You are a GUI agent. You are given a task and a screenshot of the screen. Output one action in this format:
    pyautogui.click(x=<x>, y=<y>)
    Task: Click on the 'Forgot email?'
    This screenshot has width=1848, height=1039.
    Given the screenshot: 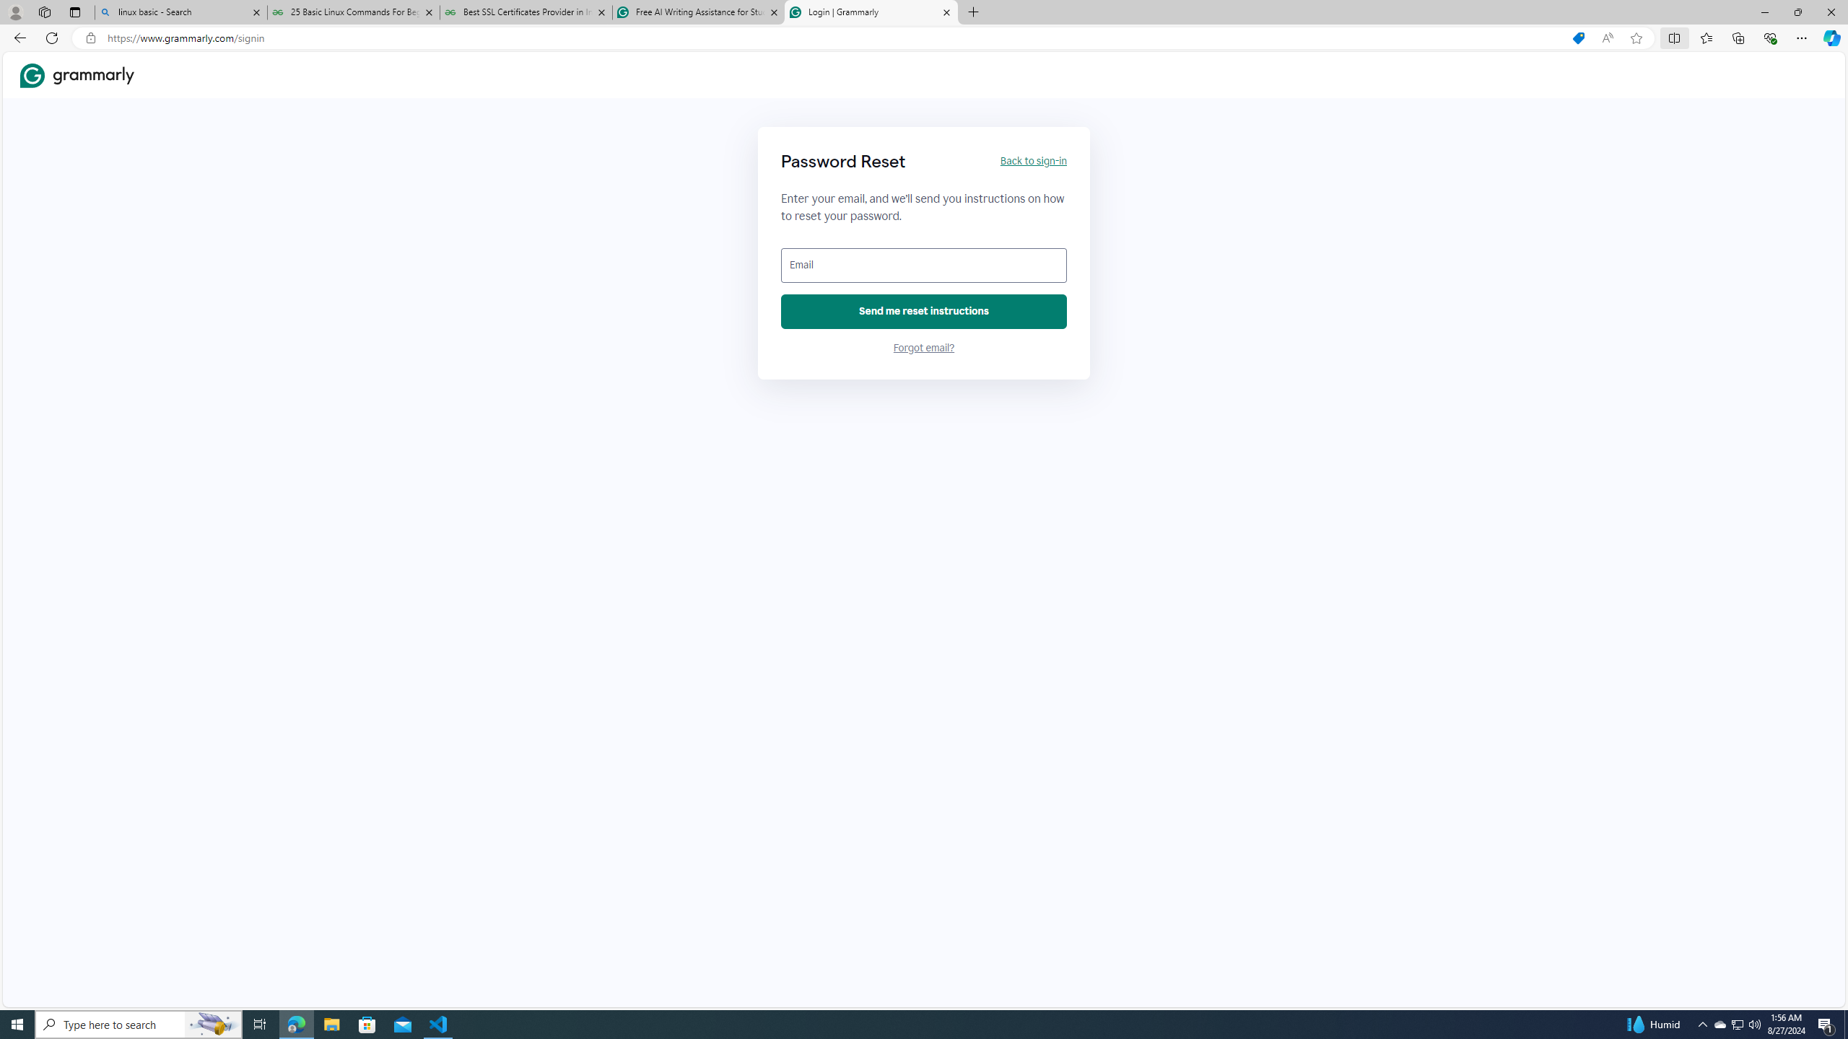 What is the action you would take?
    pyautogui.click(x=924, y=348)
    